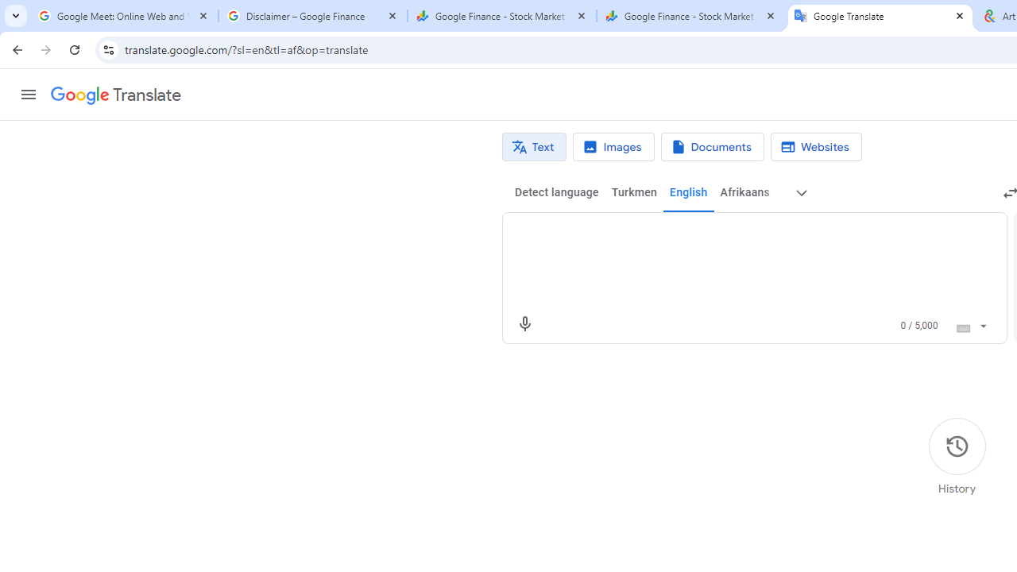  What do you see at coordinates (801, 192) in the screenshot?
I see `'More source languages'` at bounding box center [801, 192].